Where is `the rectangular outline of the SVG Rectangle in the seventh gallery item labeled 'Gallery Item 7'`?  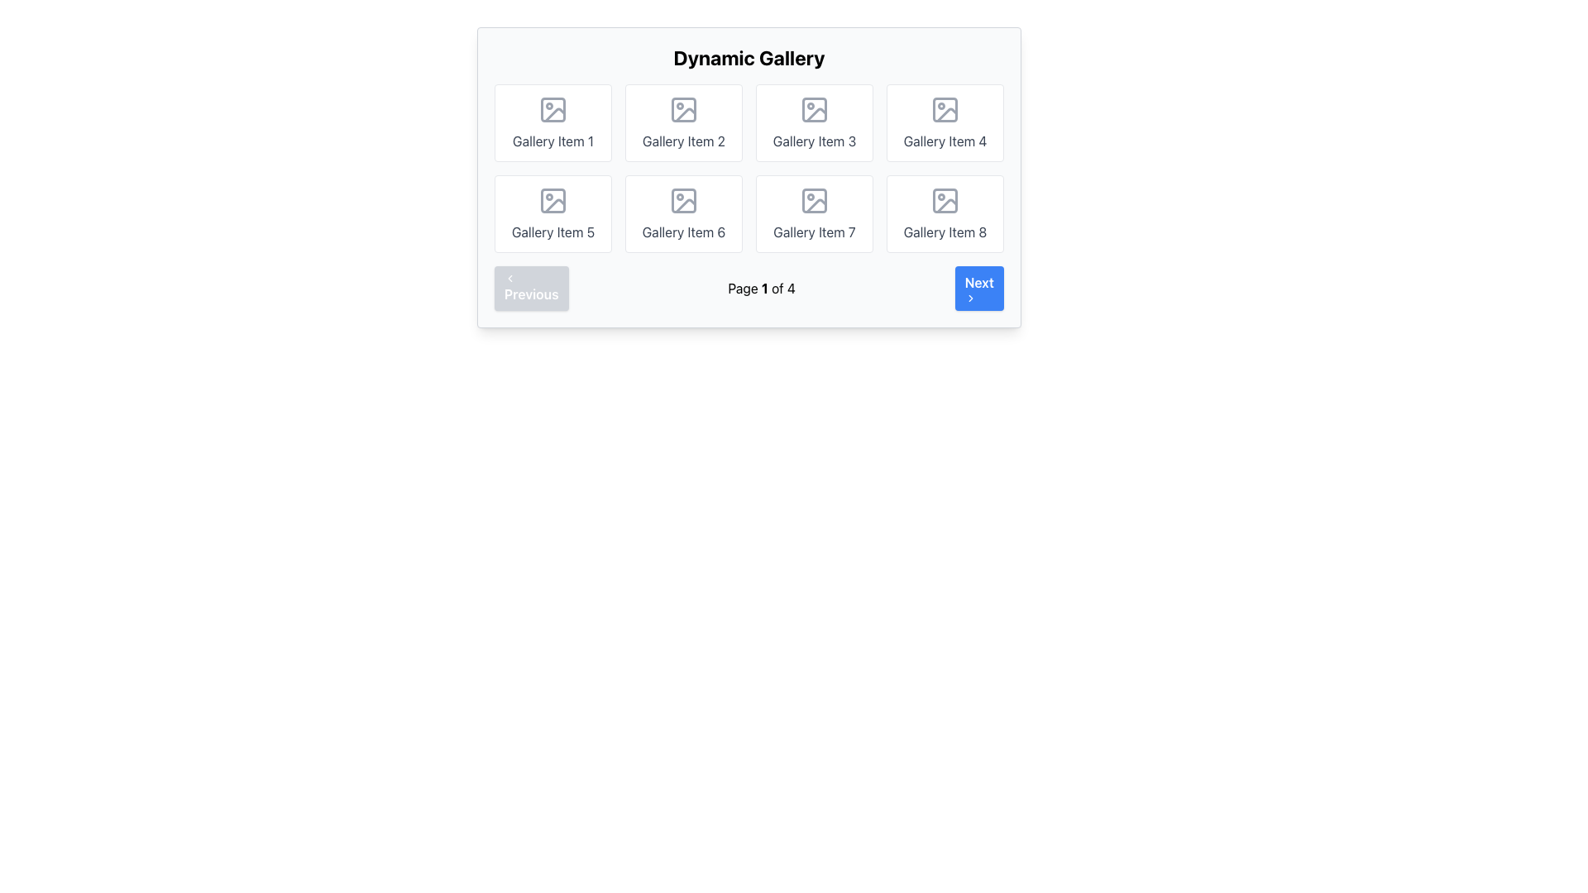 the rectangular outline of the SVG Rectangle in the seventh gallery item labeled 'Gallery Item 7' is located at coordinates (814, 200).